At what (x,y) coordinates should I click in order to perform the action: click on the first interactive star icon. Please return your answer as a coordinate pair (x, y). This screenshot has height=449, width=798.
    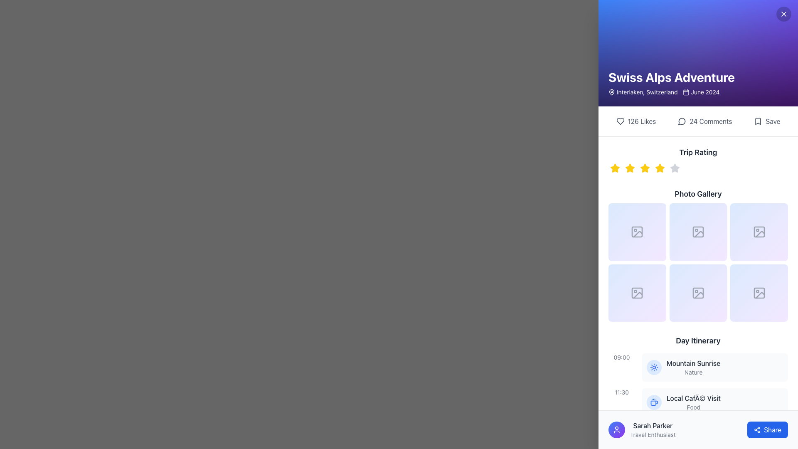
    Looking at the image, I should click on (615, 168).